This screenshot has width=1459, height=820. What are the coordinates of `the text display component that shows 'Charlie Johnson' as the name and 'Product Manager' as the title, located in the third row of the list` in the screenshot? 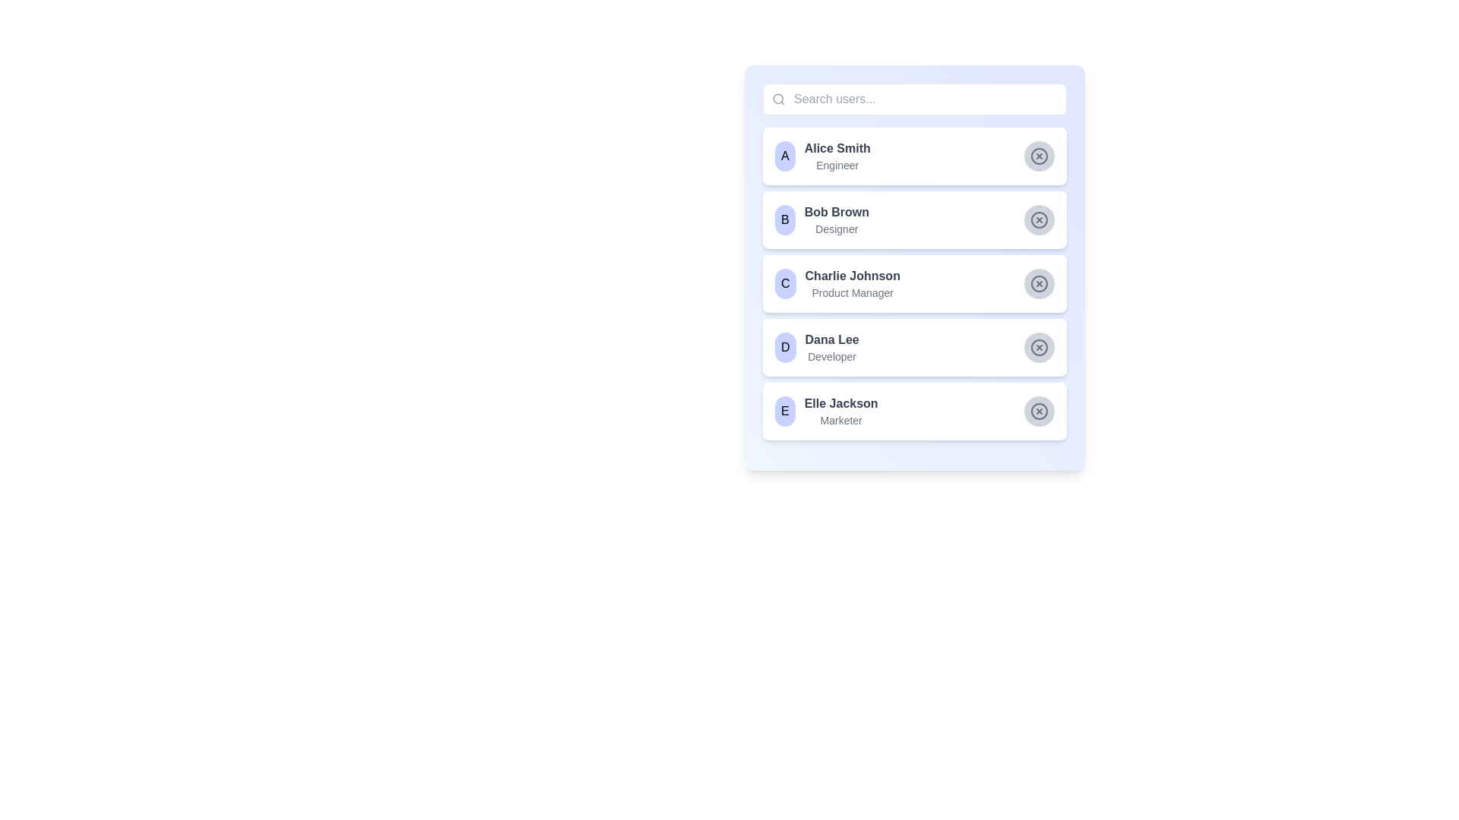 It's located at (853, 284).